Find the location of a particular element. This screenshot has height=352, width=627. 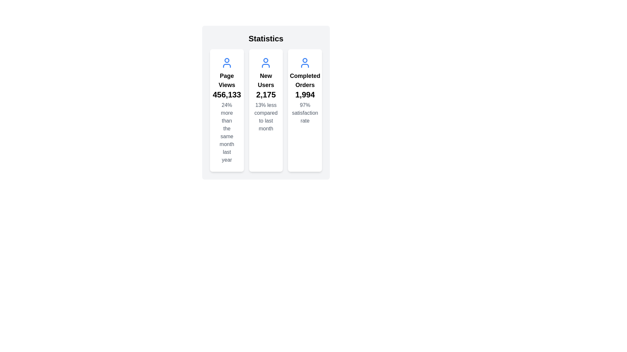

information displayed in the text label showing '97% satisfaction rate' in the 'Completed Orders' card of the statistics panel is located at coordinates (305, 113).